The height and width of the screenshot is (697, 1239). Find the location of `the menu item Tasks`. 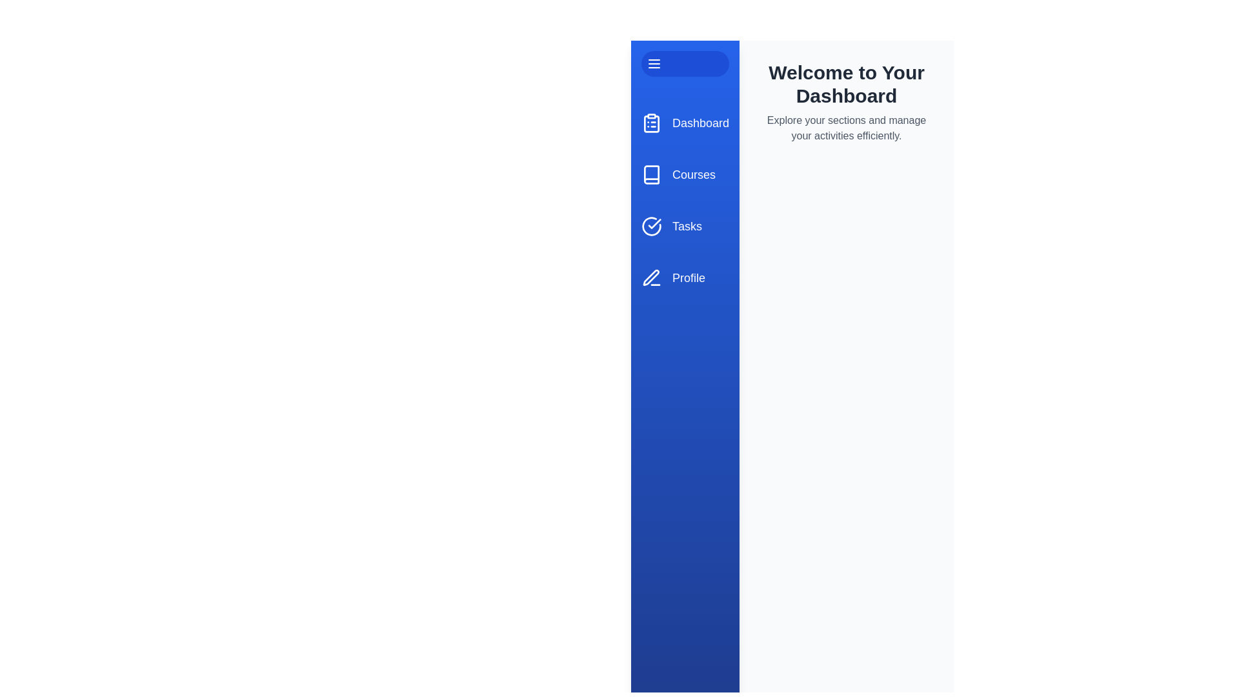

the menu item Tasks is located at coordinates (684, 226).